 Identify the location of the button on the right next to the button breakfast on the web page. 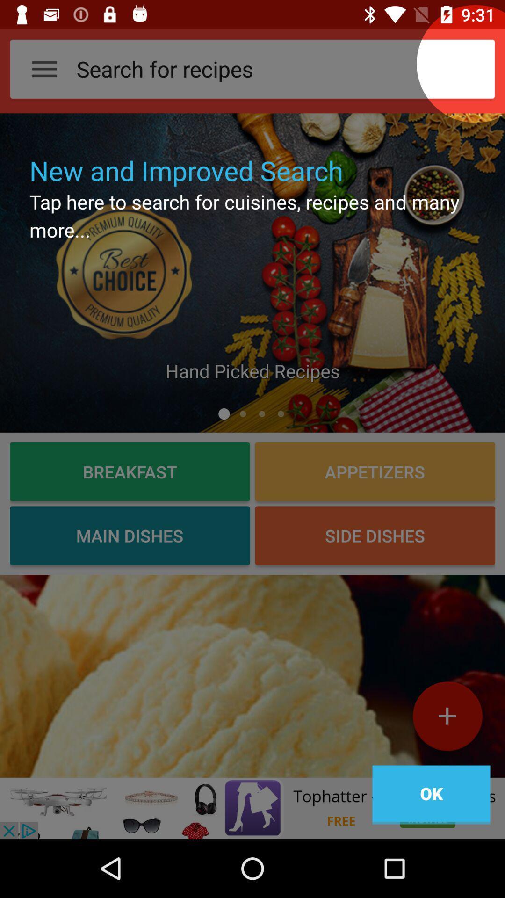
(375, 471).